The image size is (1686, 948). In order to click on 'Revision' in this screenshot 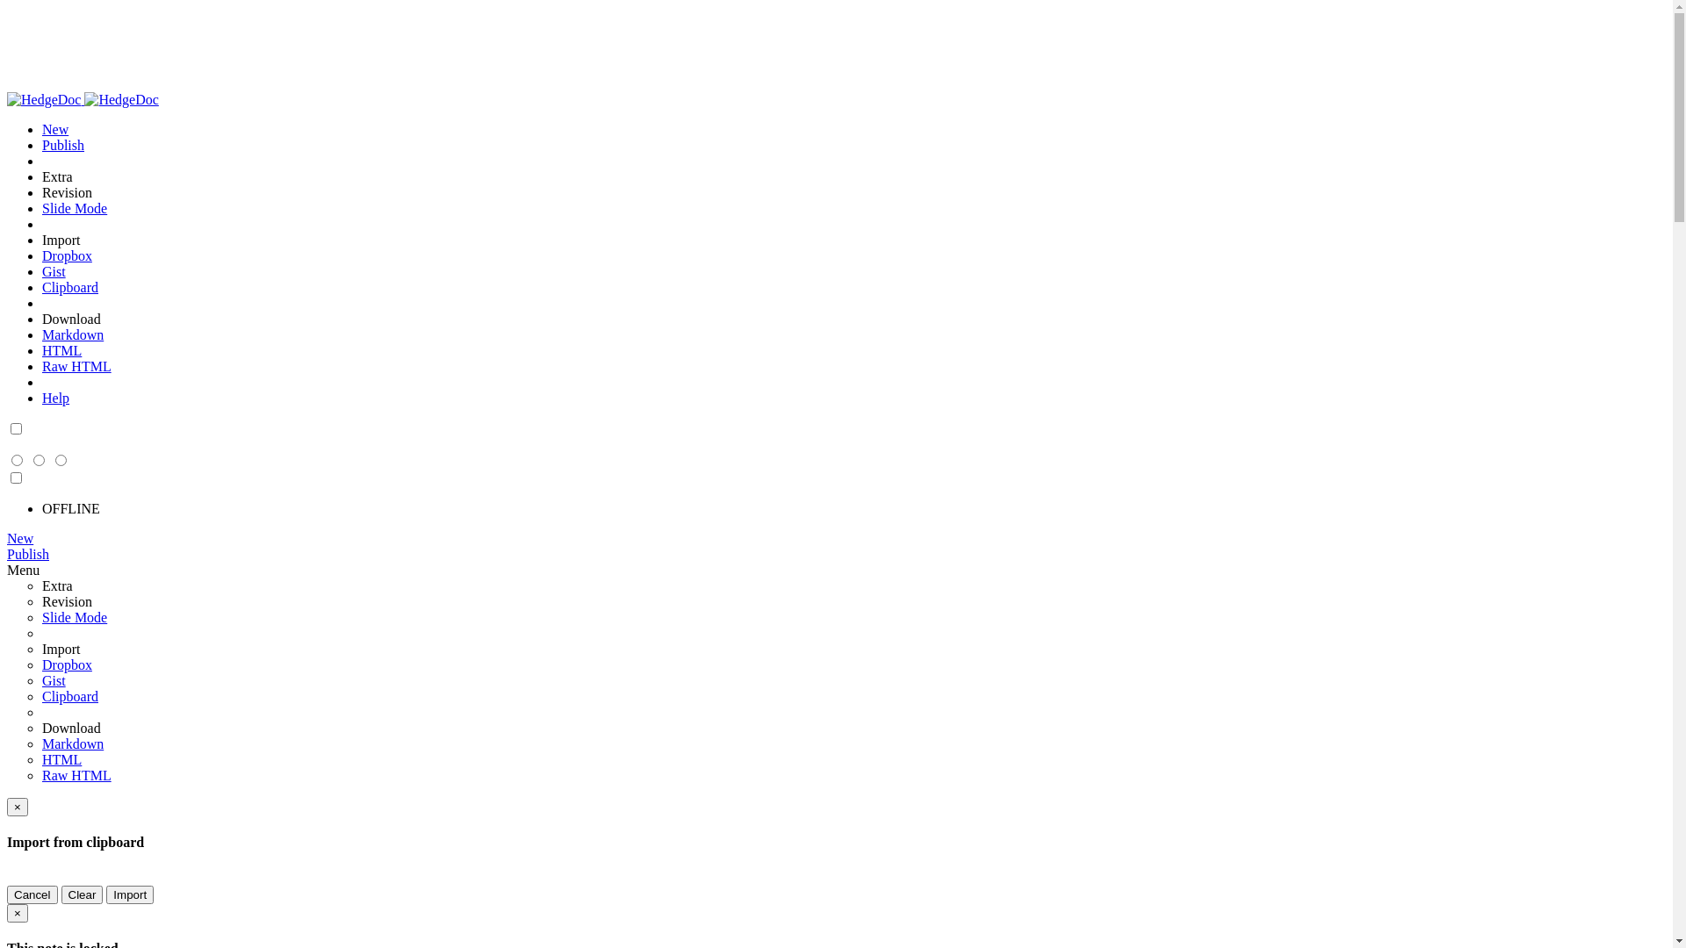, I will do `click(67, 600)`.